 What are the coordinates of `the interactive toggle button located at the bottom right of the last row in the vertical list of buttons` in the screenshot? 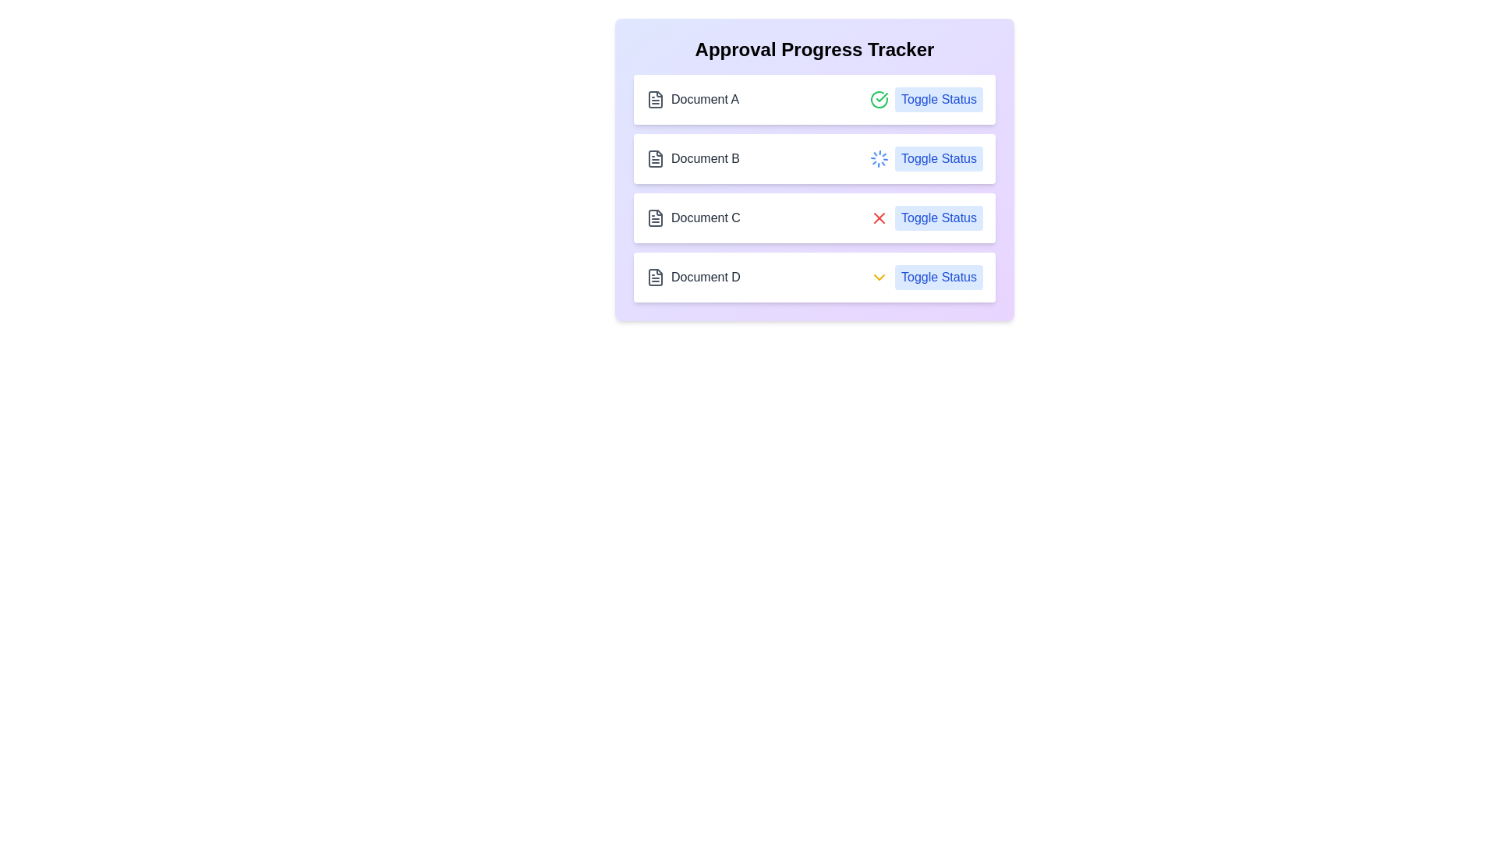 It's located at (938, 276).